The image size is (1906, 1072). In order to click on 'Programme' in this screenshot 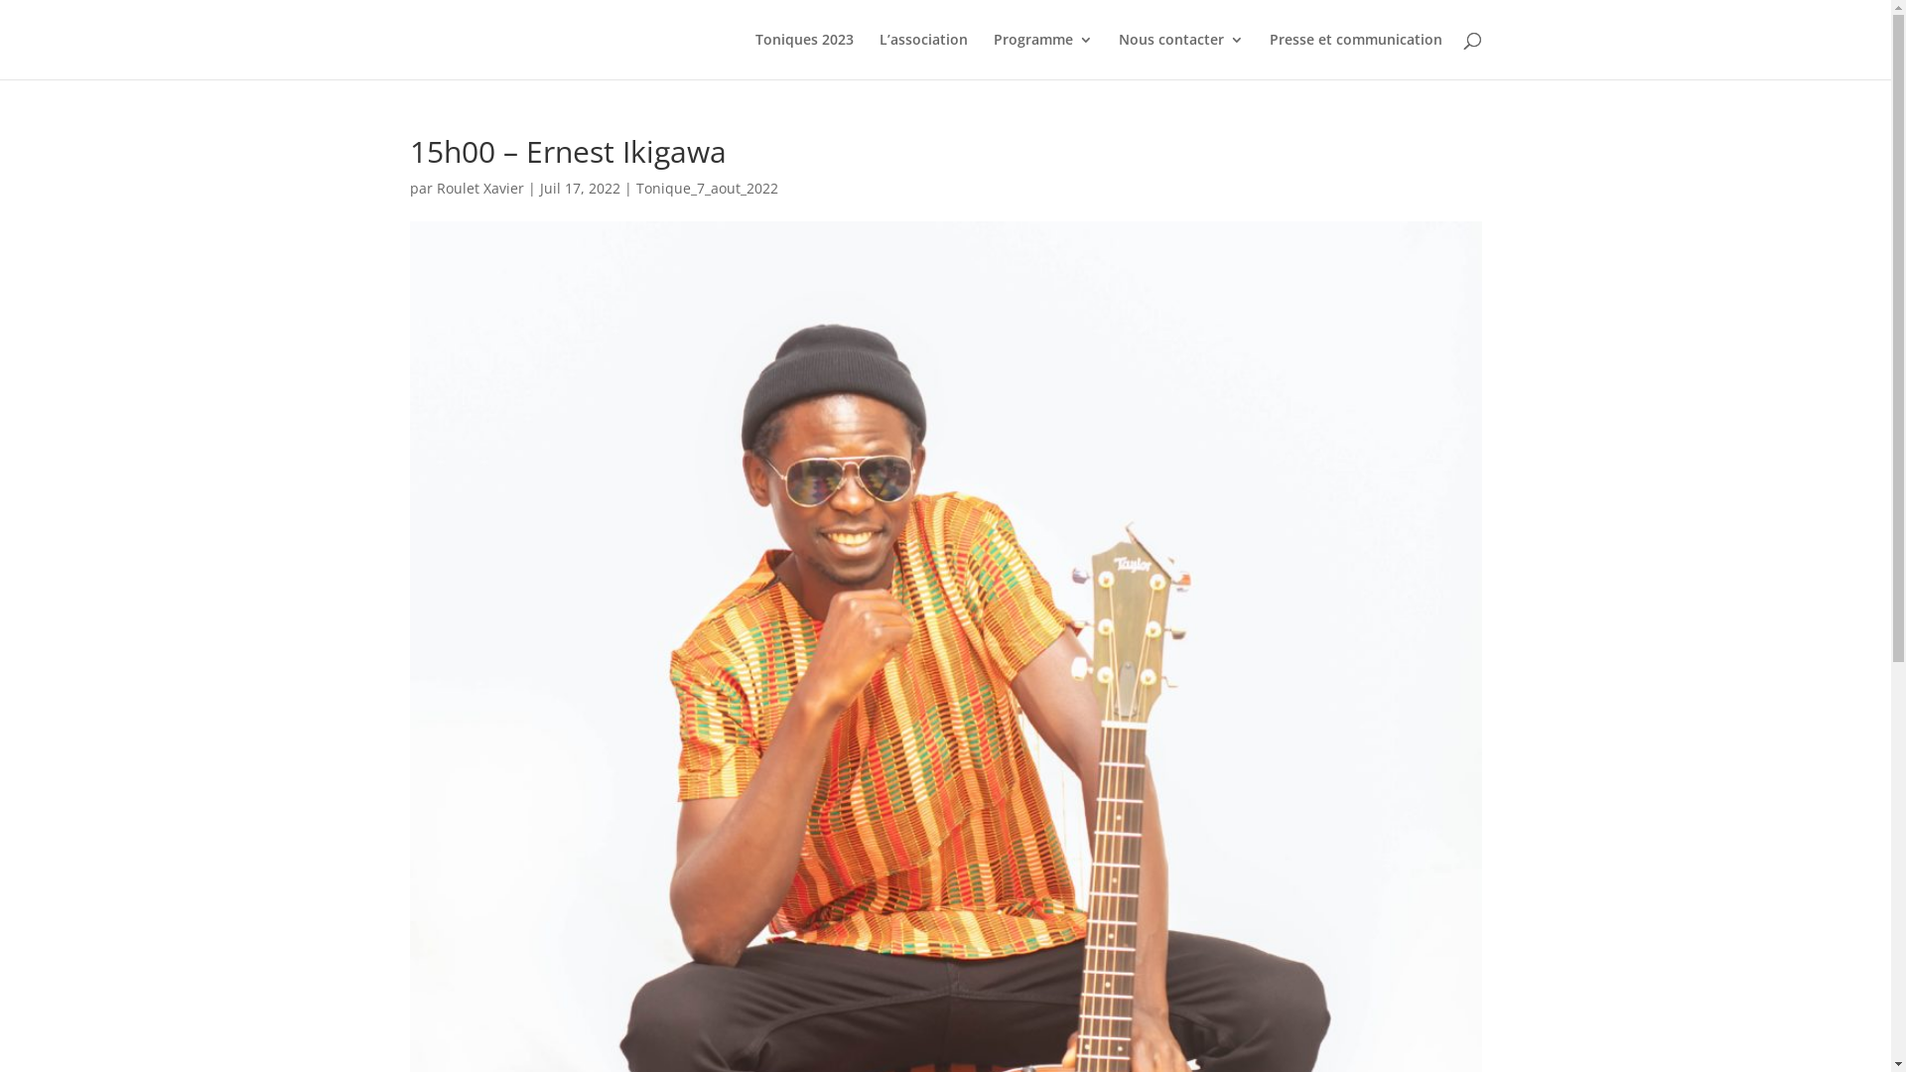, I will do `click(992, 55)`.